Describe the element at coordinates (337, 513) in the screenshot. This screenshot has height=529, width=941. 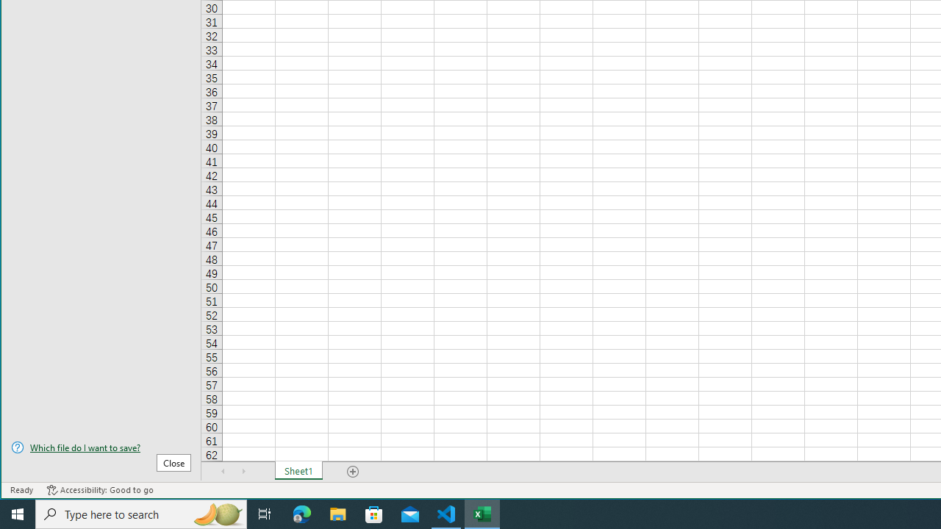
I see `'File Explorer'` at that location.